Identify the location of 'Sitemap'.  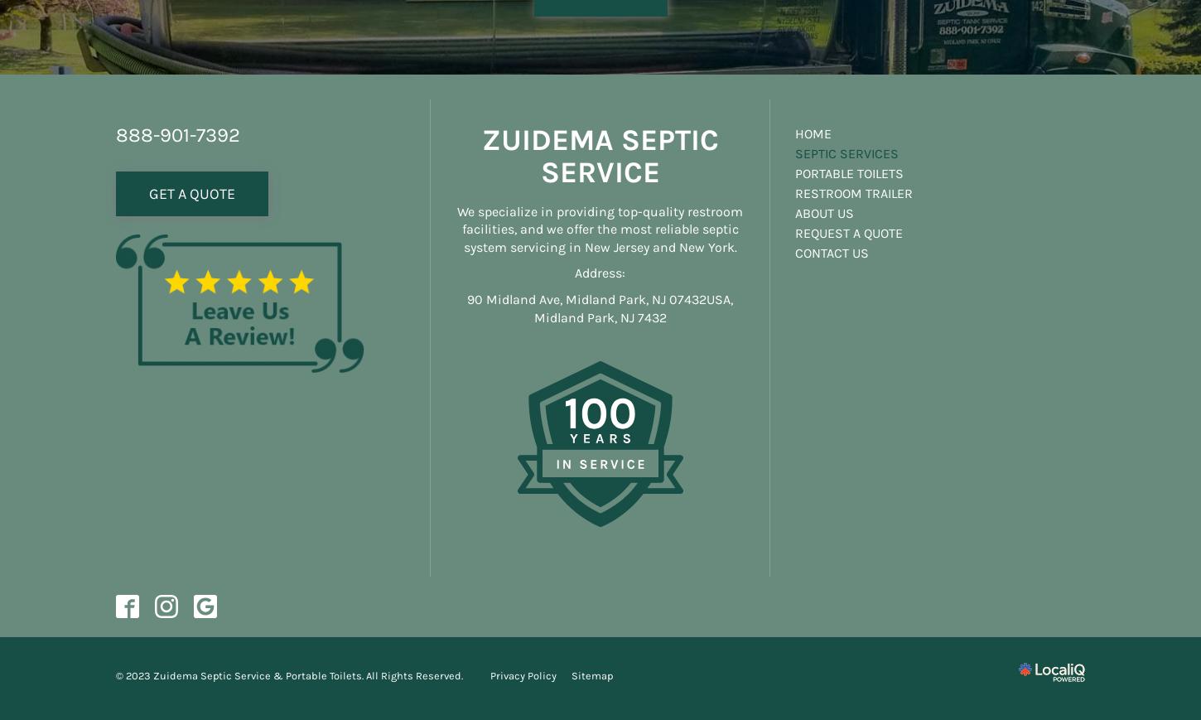
(591, 675).